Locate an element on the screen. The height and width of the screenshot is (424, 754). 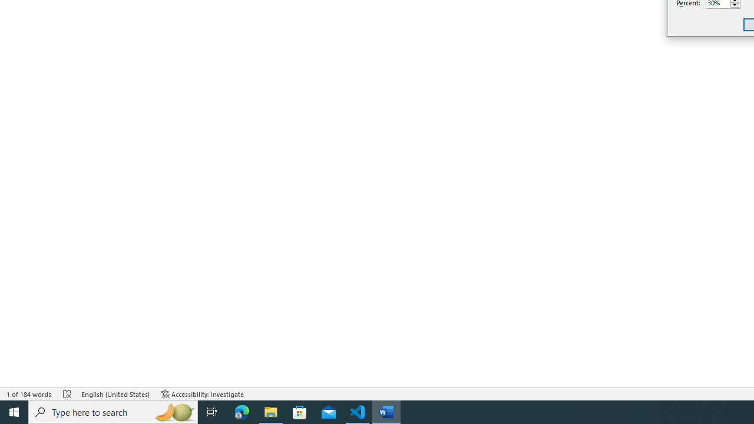
'Word Count 1 of 184 words' is located at coordinates (29, 394).